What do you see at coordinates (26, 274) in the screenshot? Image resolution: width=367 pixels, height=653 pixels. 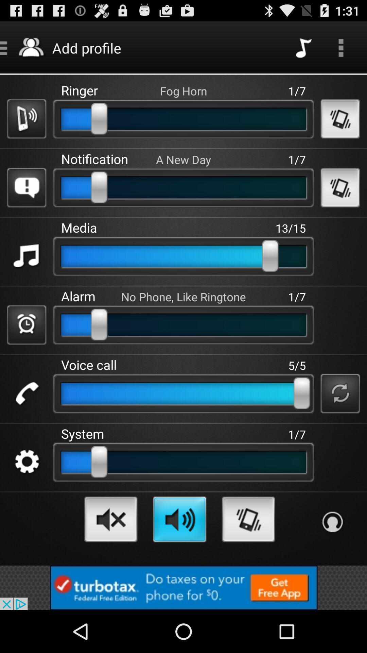 I see `the music icon` at bounding box center [26, 274].